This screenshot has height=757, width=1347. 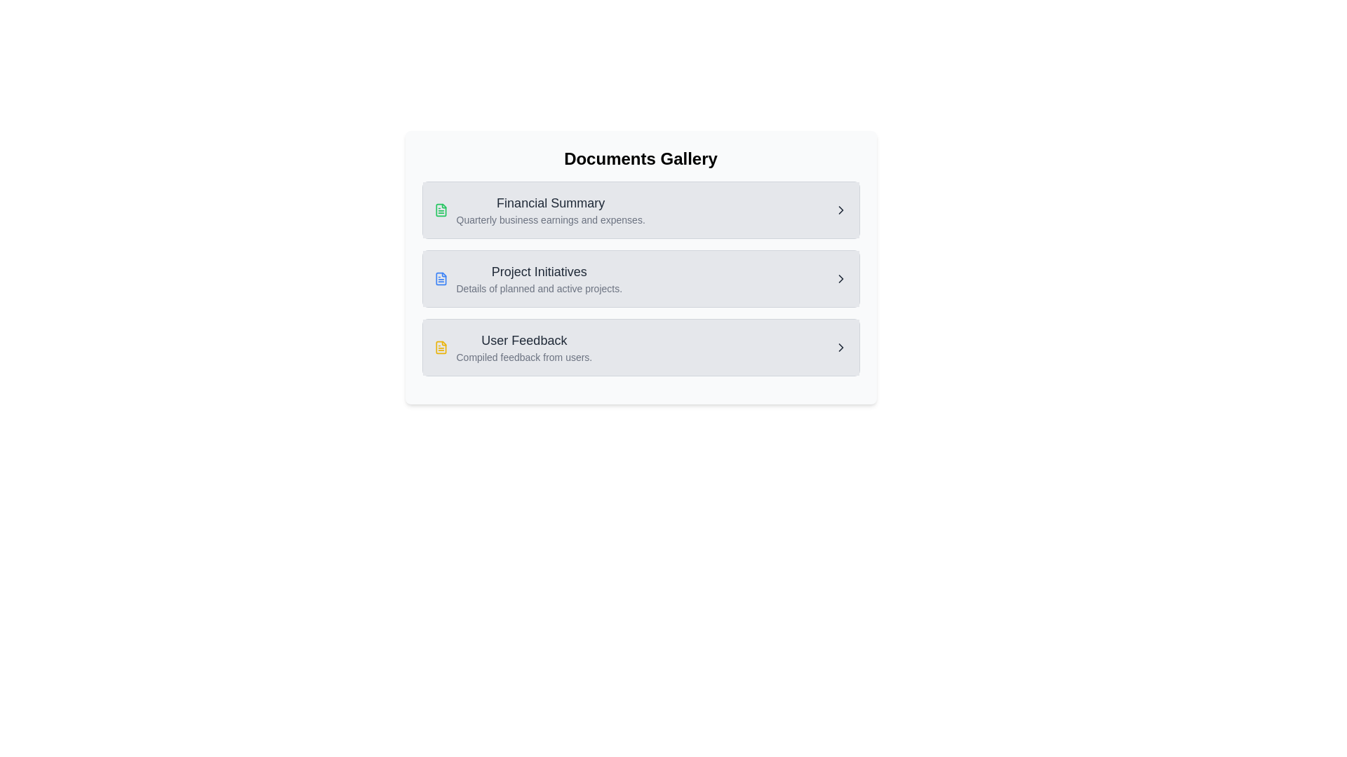 I want to click on the informational subtitle located directly below the 'Project Initiatives' heading in the middle section of the interface, so click(x=538, y=288).